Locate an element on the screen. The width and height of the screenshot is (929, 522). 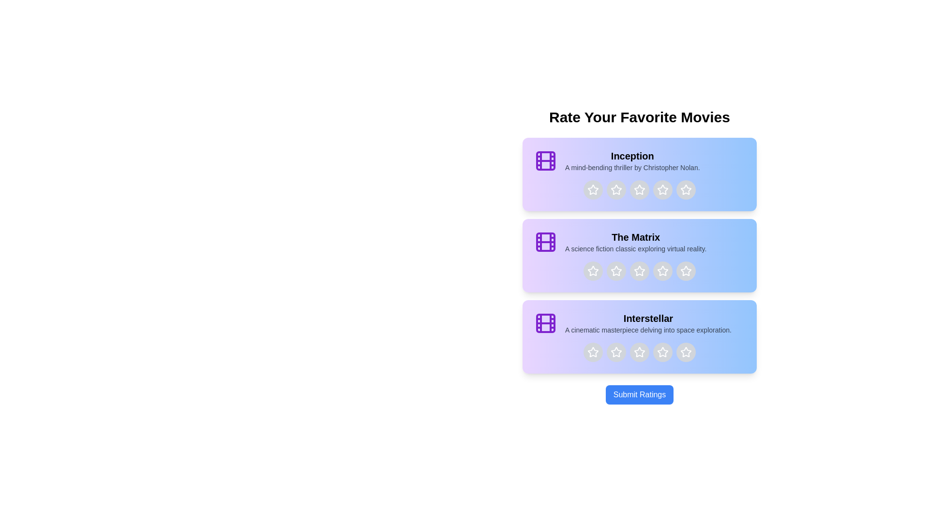
the star corresponding to 3 stars for the movie titled Interstellar is located at coordinates (639, 352).